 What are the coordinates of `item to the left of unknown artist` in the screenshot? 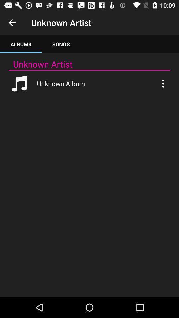 It's located at (12, 23).